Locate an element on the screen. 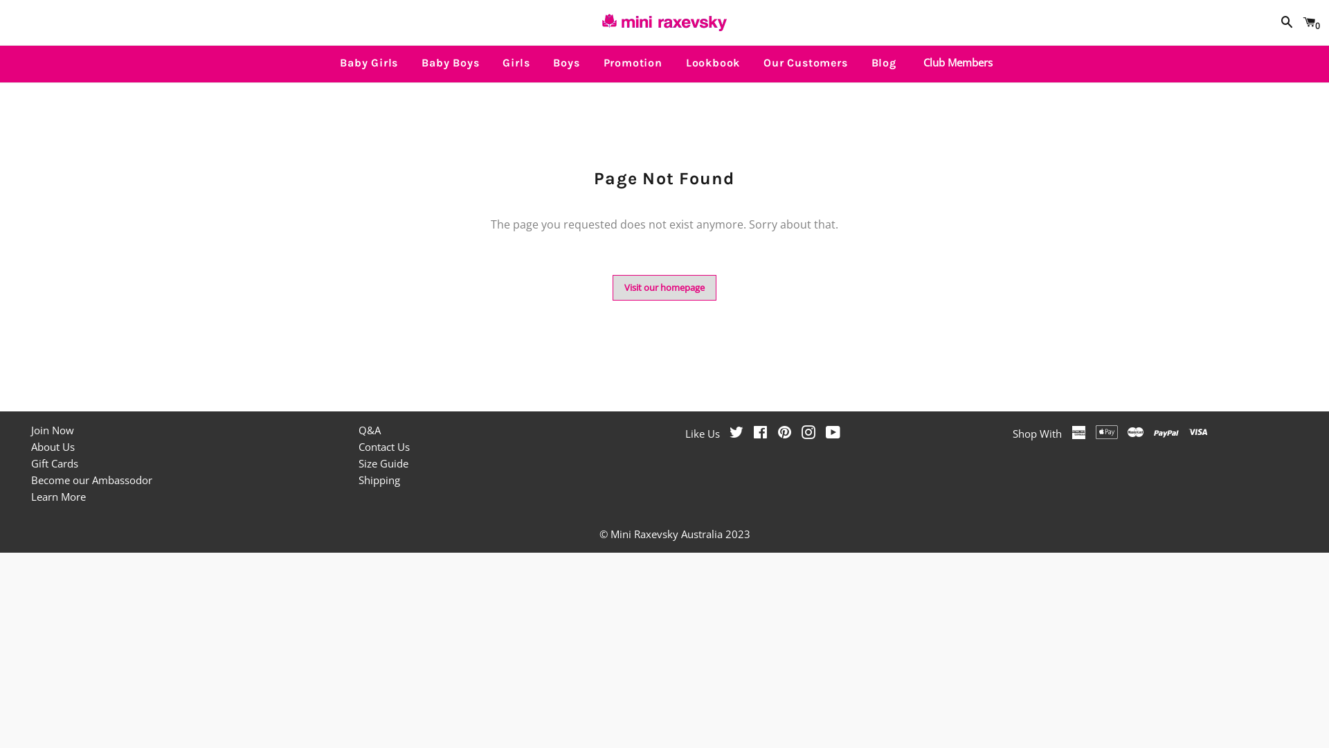 The image size is (1329, 748). 'Shipping' is located at coordinates (359, 479).